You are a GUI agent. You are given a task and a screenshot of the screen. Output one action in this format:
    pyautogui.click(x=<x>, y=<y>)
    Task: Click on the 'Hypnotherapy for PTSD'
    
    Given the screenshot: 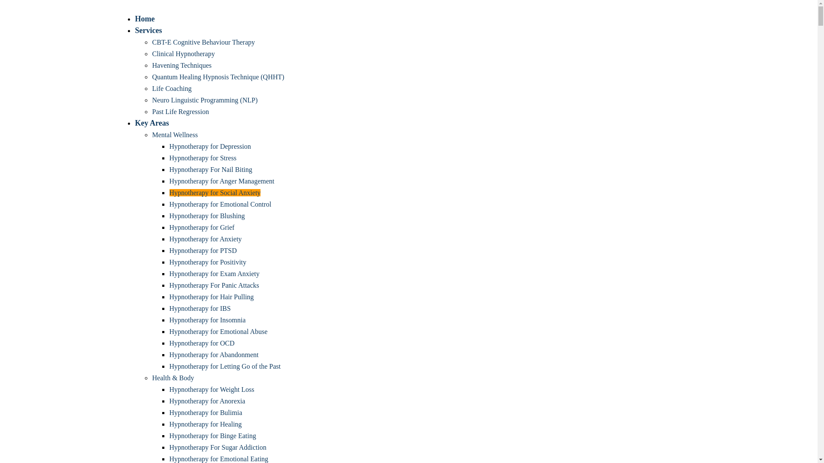 What is the action you would take?
    pyautogui.click(x=202, y=250)
    